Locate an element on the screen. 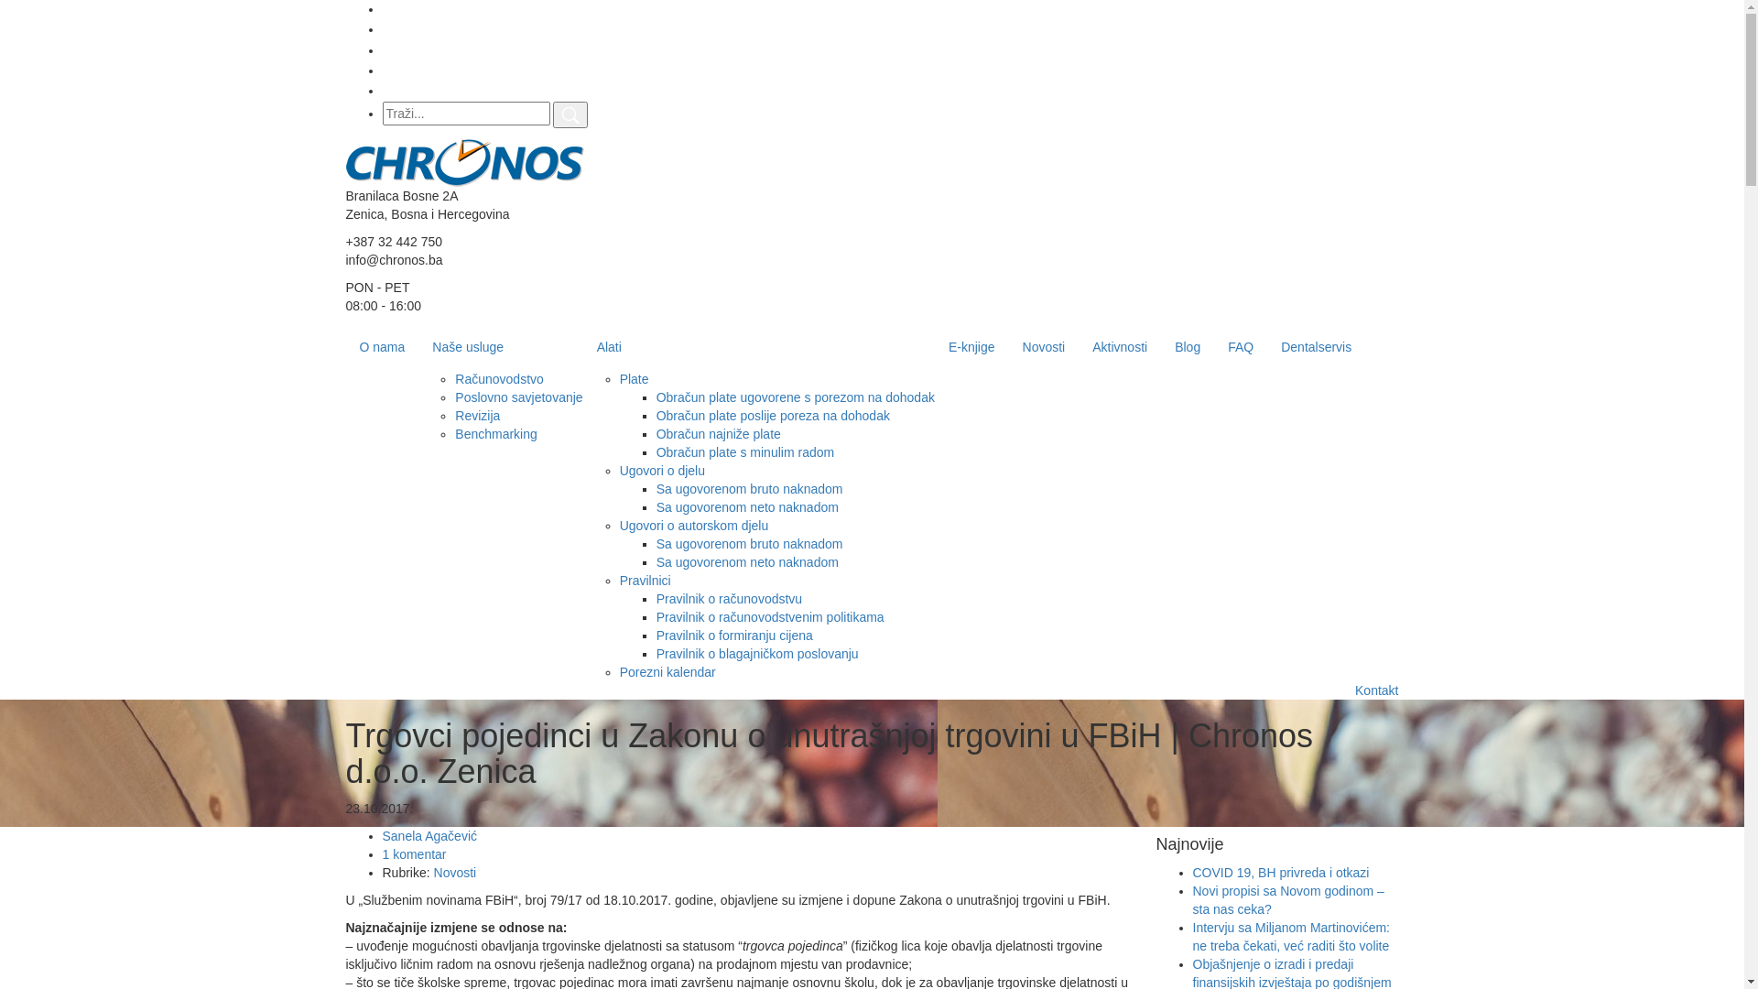  'Benchmarking' is located at coordinates (496, 434).